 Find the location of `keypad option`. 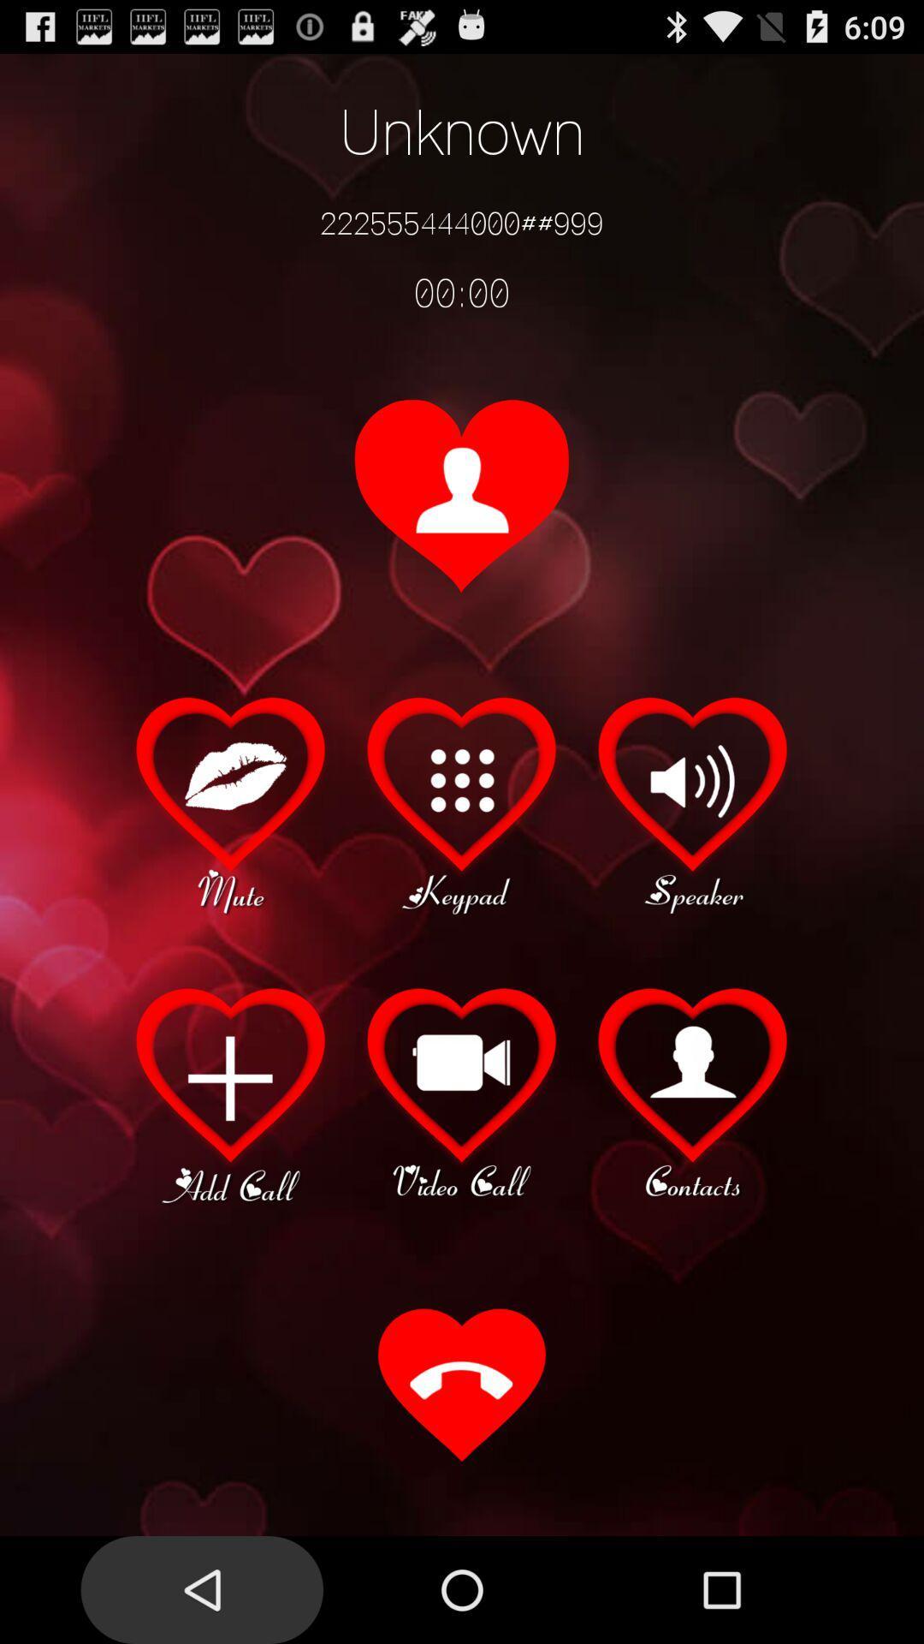

keypad option is located at coordinates (462, 801).